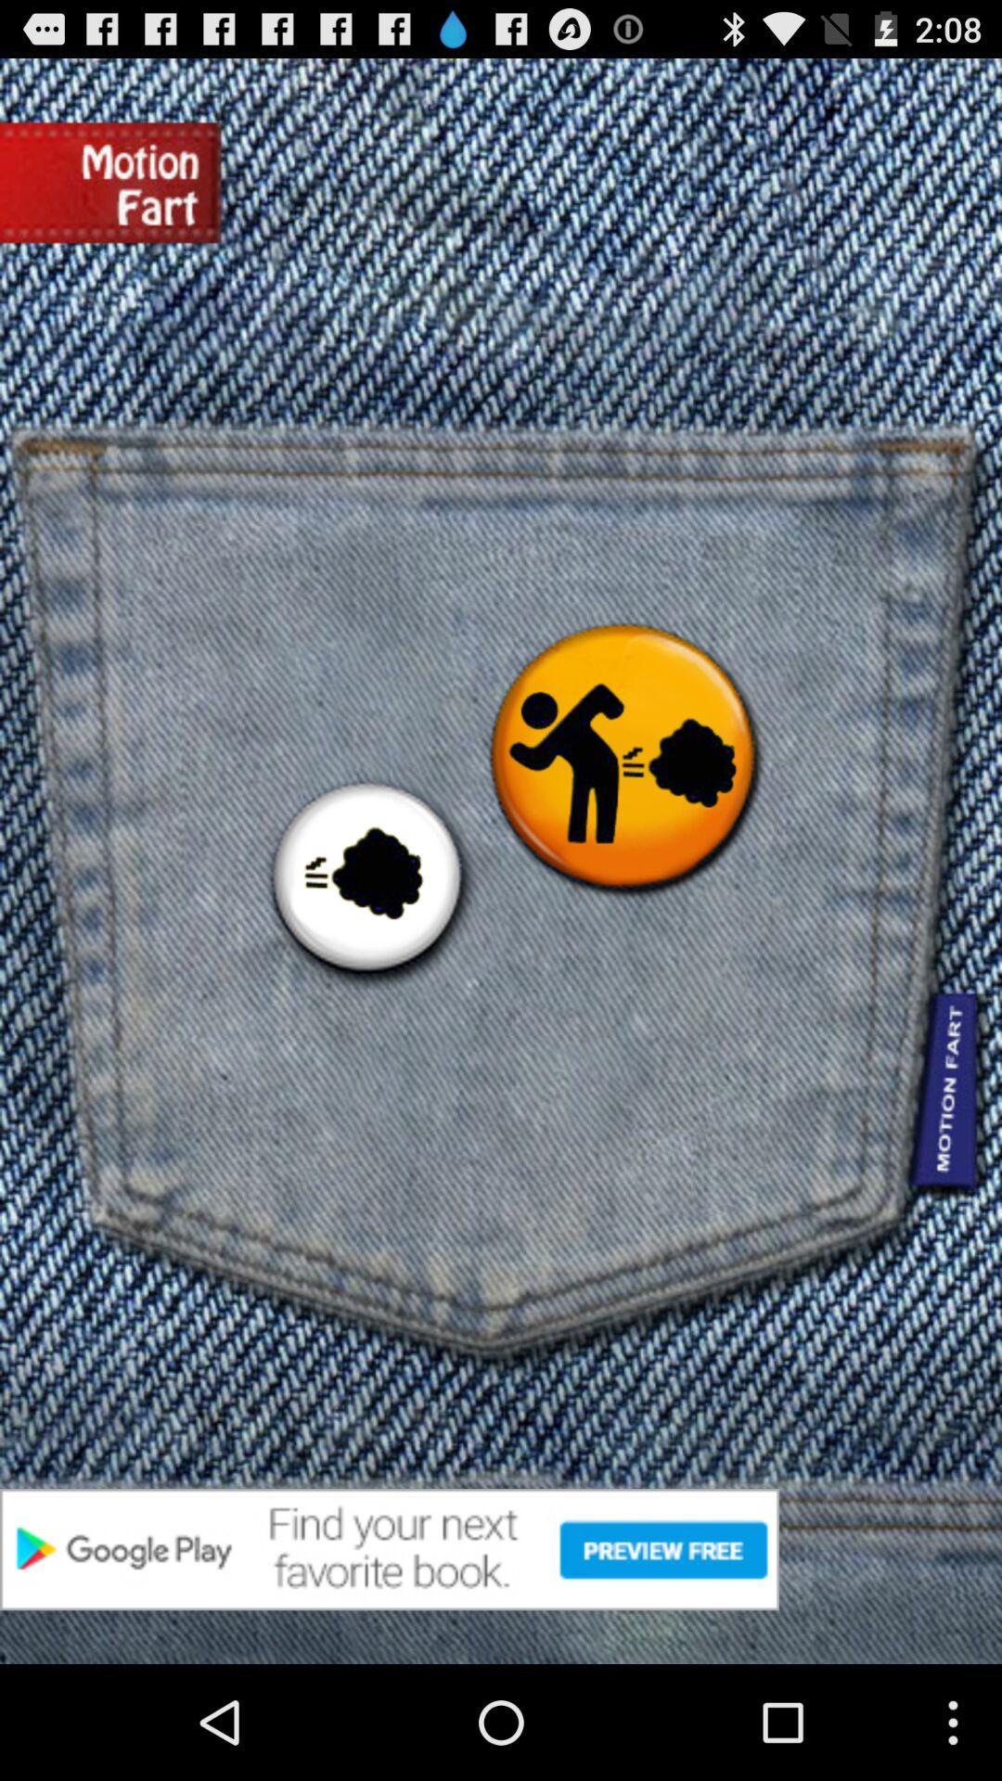 The width and height of the screenshot is (1002, 1781). Describe the element at coordinates (366, 879) in the screenshot. I see `sound 1` at that location.